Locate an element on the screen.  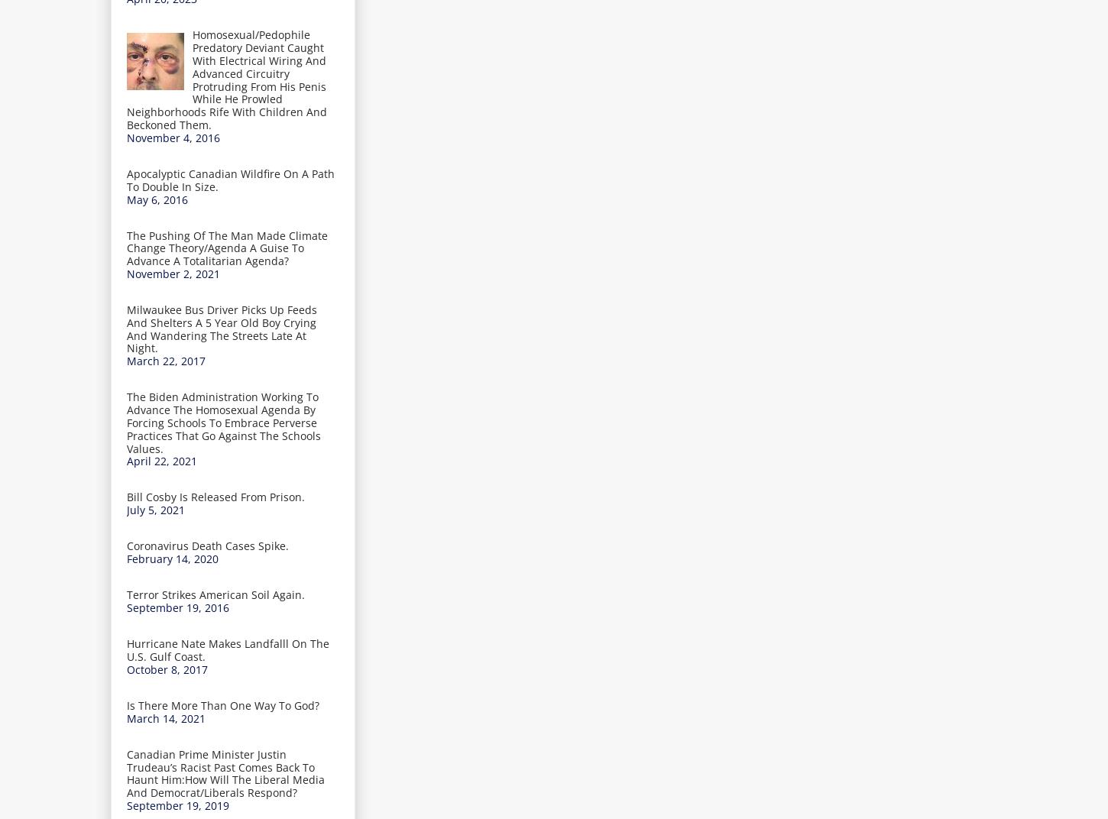
'Canadian Prime Minister Justin Trudeau’s Racist Past Comes Back To Haunt Him:How Will The Liberal Media And Democrat/Liberals Respond?' is located at coordinates (225, 772).